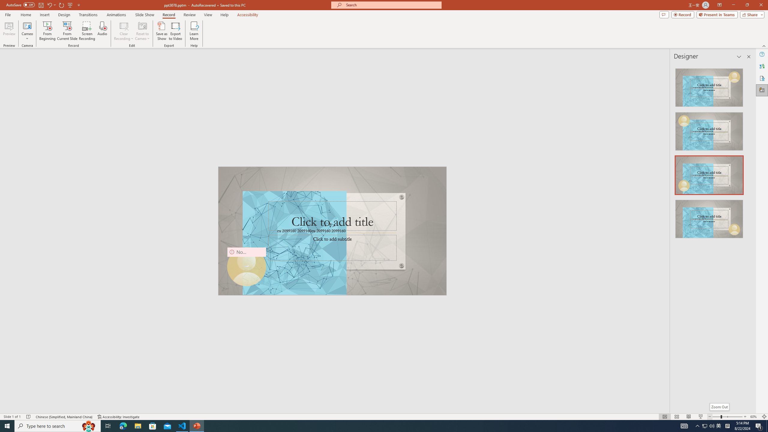  What do you see at coordinates (78, 4) in the screenshot?
I see `'Customize Quick Access Toolbar'` at bounding box center [78, 4].